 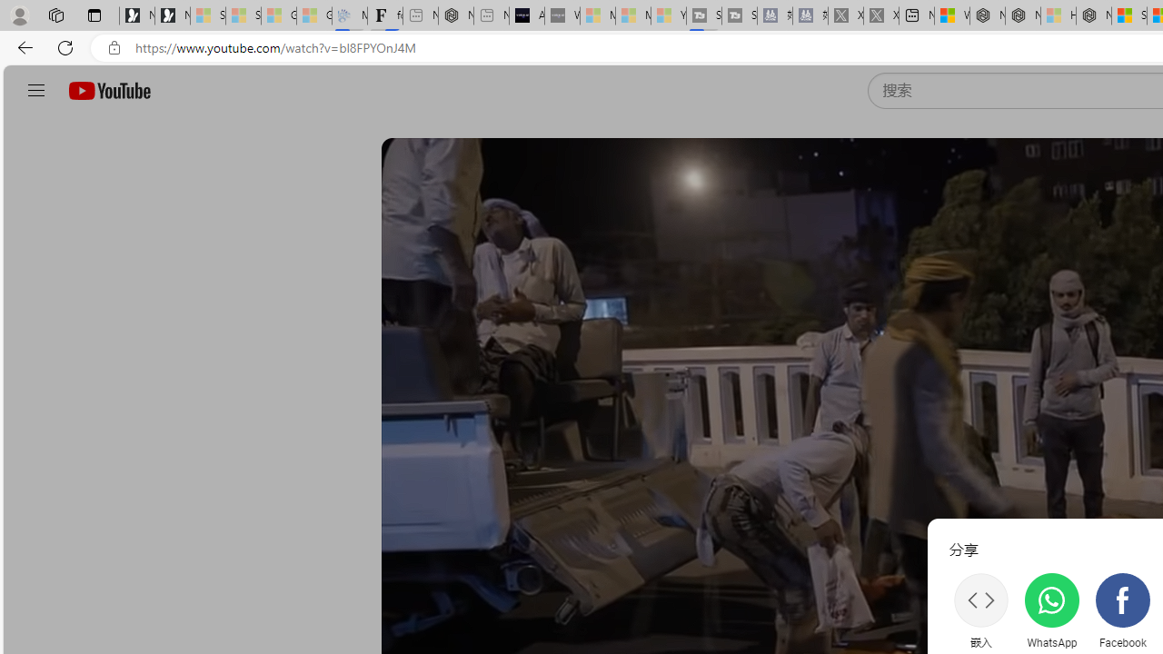 I want to click on 'Microsoft Start Sports - Sleeping', so click(x=597, y=15).